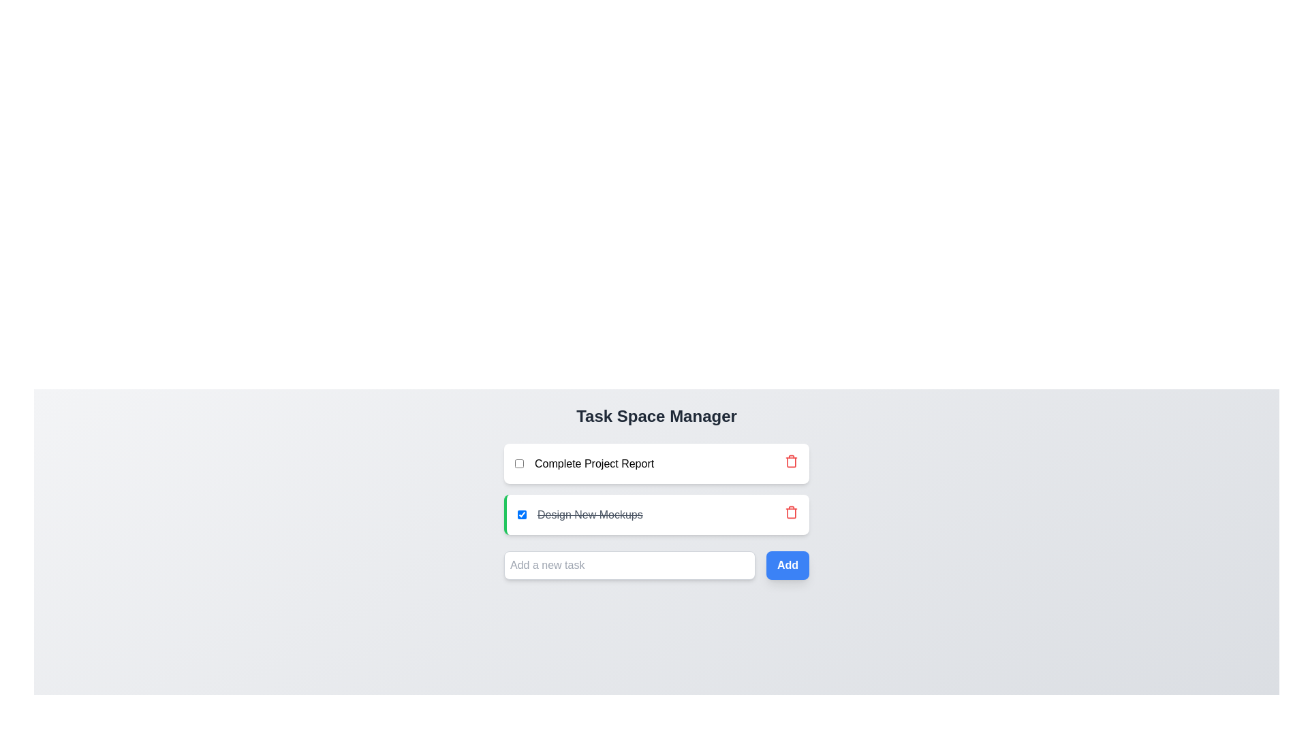 This screenshot has width=1308, height=735. Describe the element at coordinates (518, 463) in the screenshot. I see `the small checkbox element located to the left of the text 'Complete Project Report'` at that location.